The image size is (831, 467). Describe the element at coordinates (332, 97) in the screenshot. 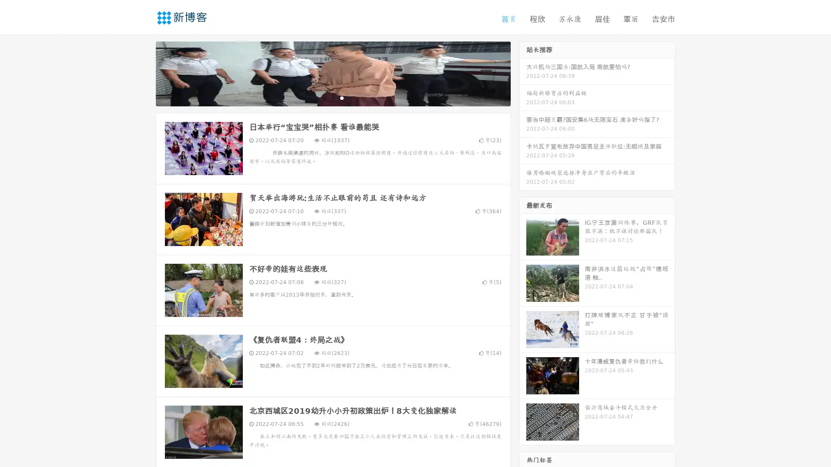

I see `Go to slide 2` at that location.